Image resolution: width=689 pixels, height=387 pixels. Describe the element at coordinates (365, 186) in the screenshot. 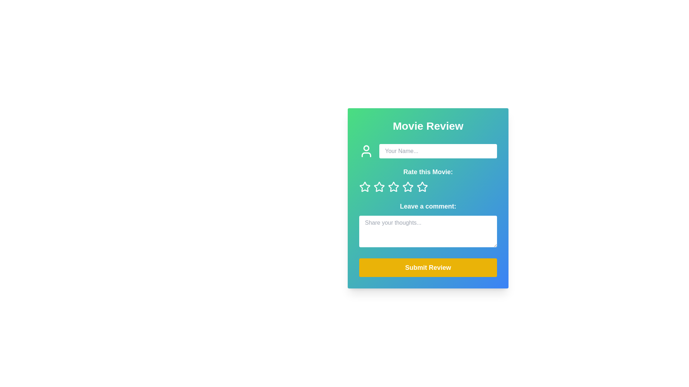

I see `on the first interactive rating star icon located beneath the 'Rate this Movie' label in the review form component` at that location.